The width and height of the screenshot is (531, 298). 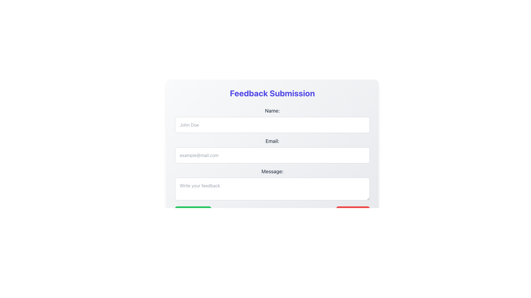 What do you see at coordinates (272, 111) in the screenshot?
I see `the label that guides users to input their name, located above the text input field with the placeholder 'John Doe'` at bounding box center [272, 111].